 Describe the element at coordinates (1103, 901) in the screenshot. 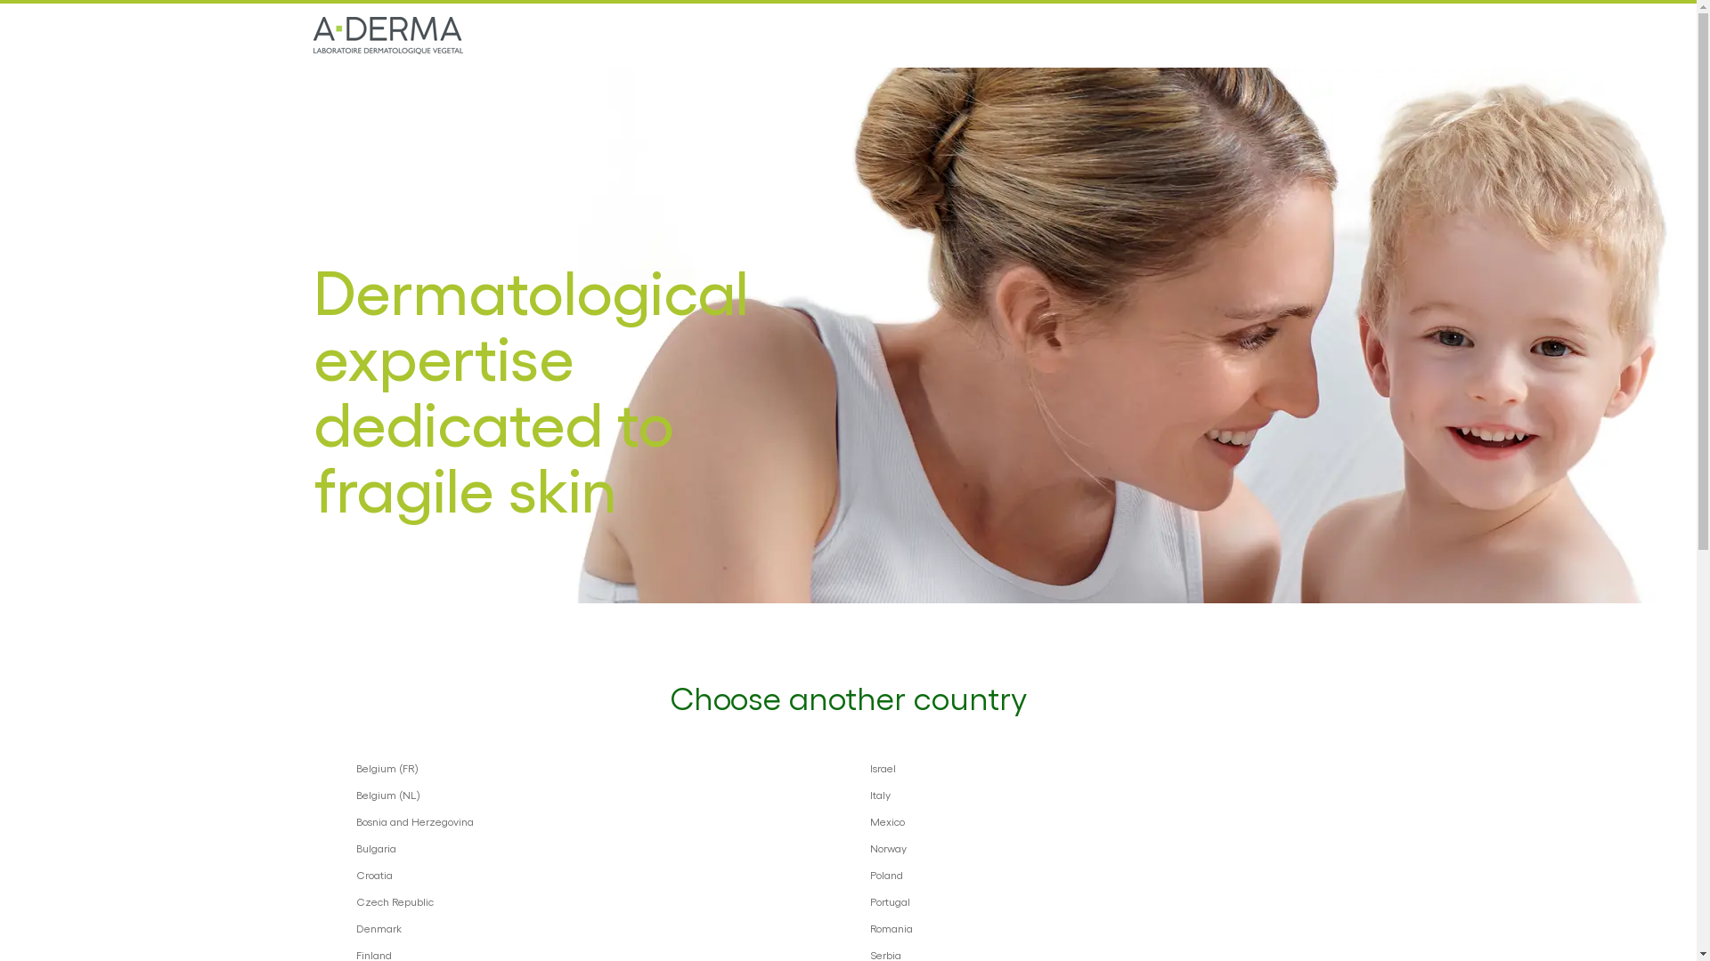

I see `'Portugal'` at that location.